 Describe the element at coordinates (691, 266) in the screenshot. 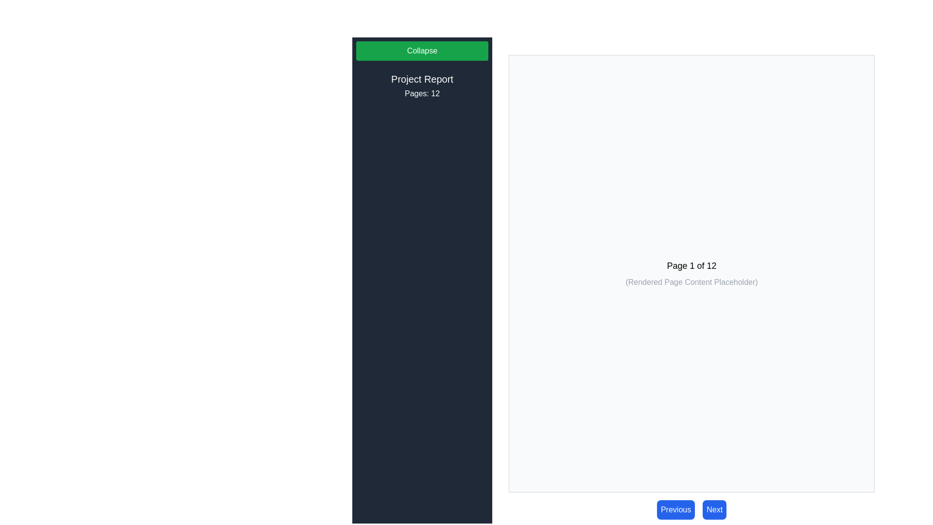

I see `the Text label that indicates the current page number in the central panel, which is positioned above the '(Rendered Page Content Placeholder)' element` at that location.